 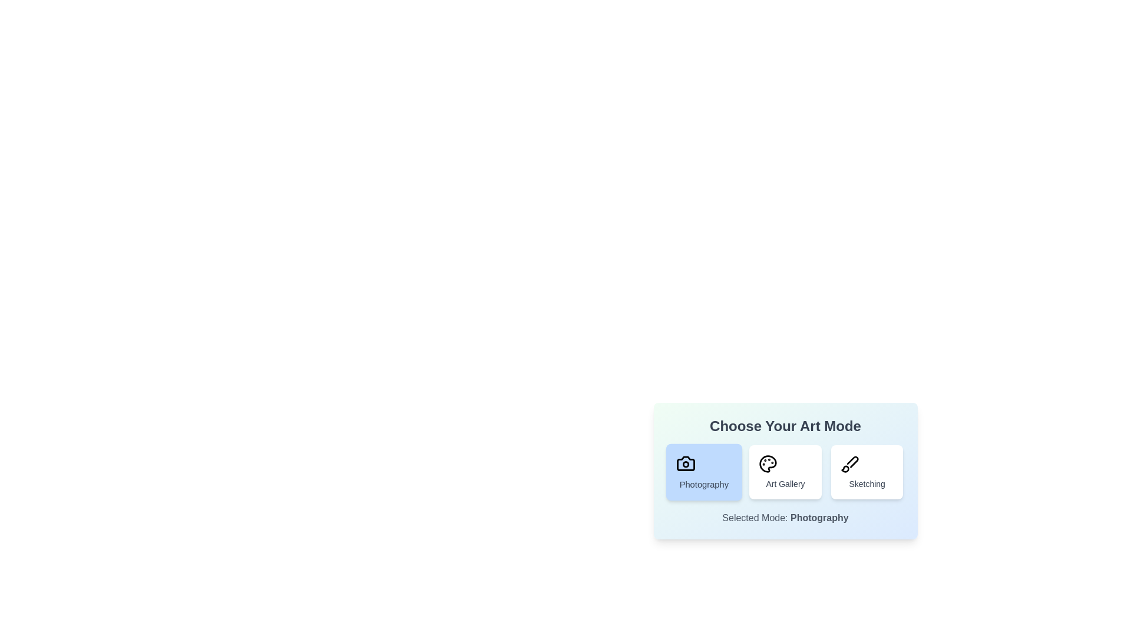 I want to click on the art mode by clicking on the button corresponding to Art Gallery, so click(x=785, y=472).